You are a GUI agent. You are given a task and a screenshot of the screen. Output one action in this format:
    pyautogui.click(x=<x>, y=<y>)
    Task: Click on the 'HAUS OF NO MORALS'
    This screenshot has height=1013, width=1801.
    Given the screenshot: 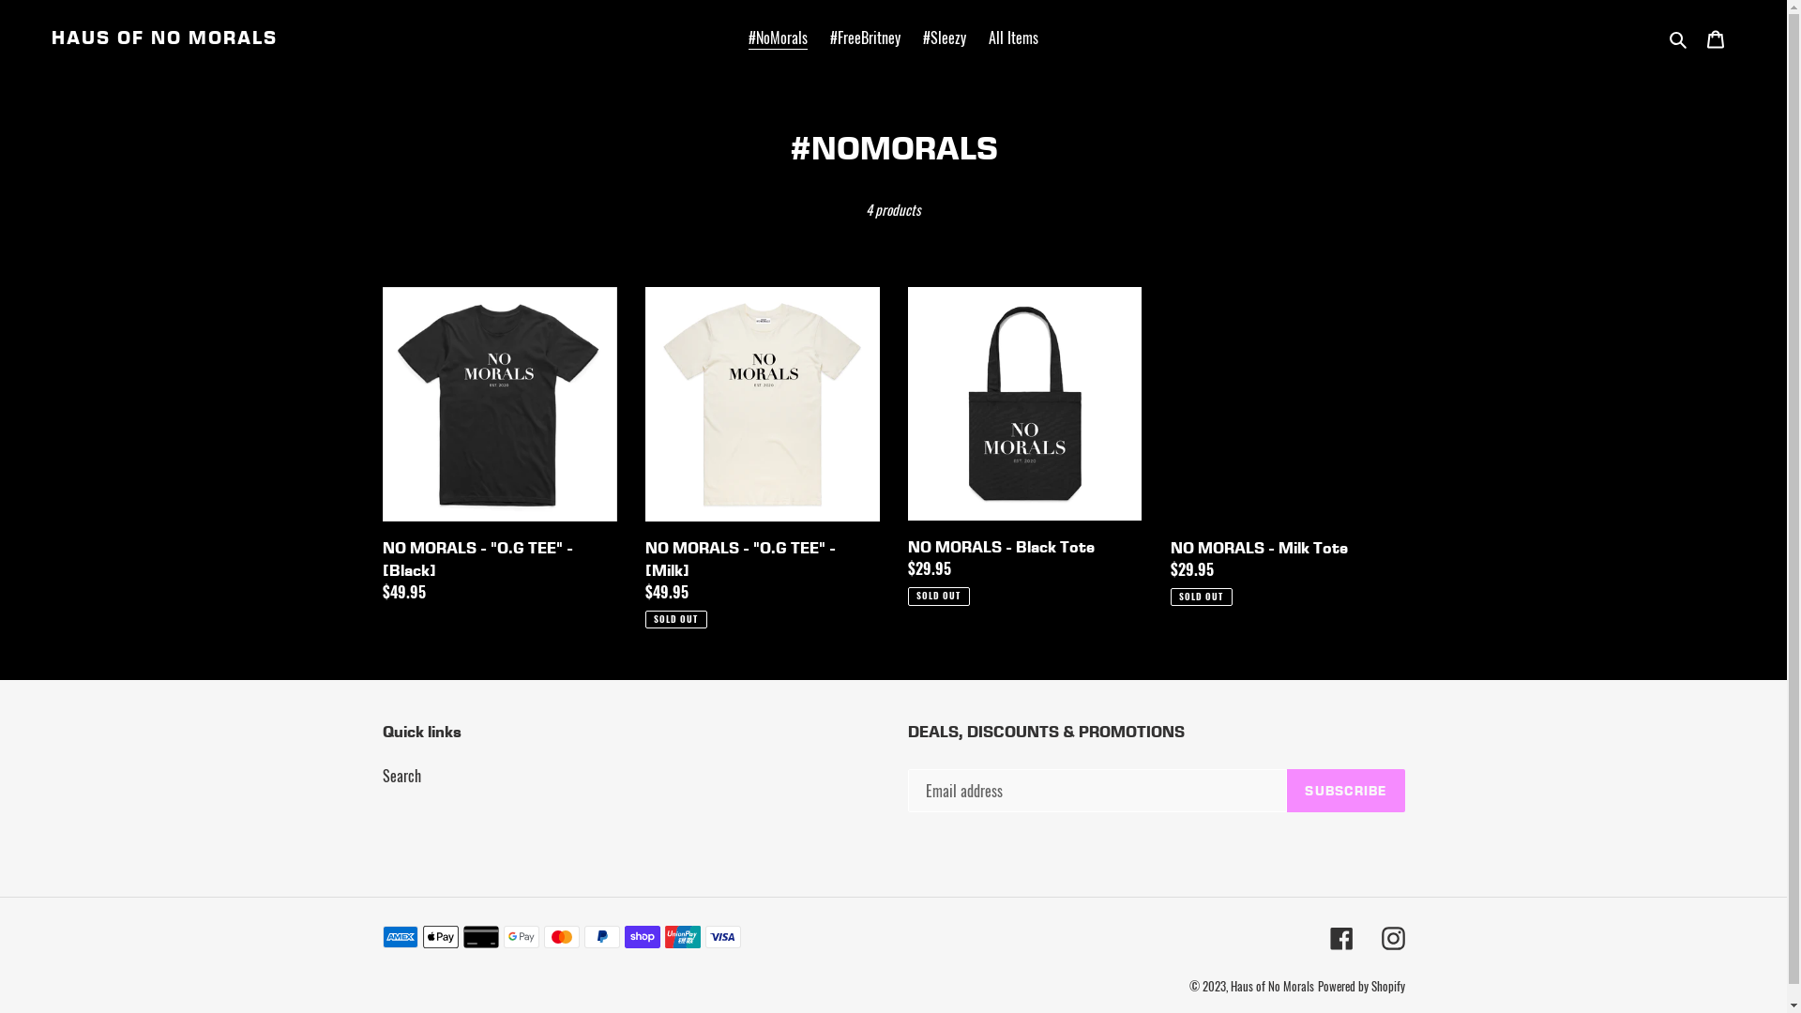 What is the action you would take?
    pyautogui.click(x=164, y=37)
    